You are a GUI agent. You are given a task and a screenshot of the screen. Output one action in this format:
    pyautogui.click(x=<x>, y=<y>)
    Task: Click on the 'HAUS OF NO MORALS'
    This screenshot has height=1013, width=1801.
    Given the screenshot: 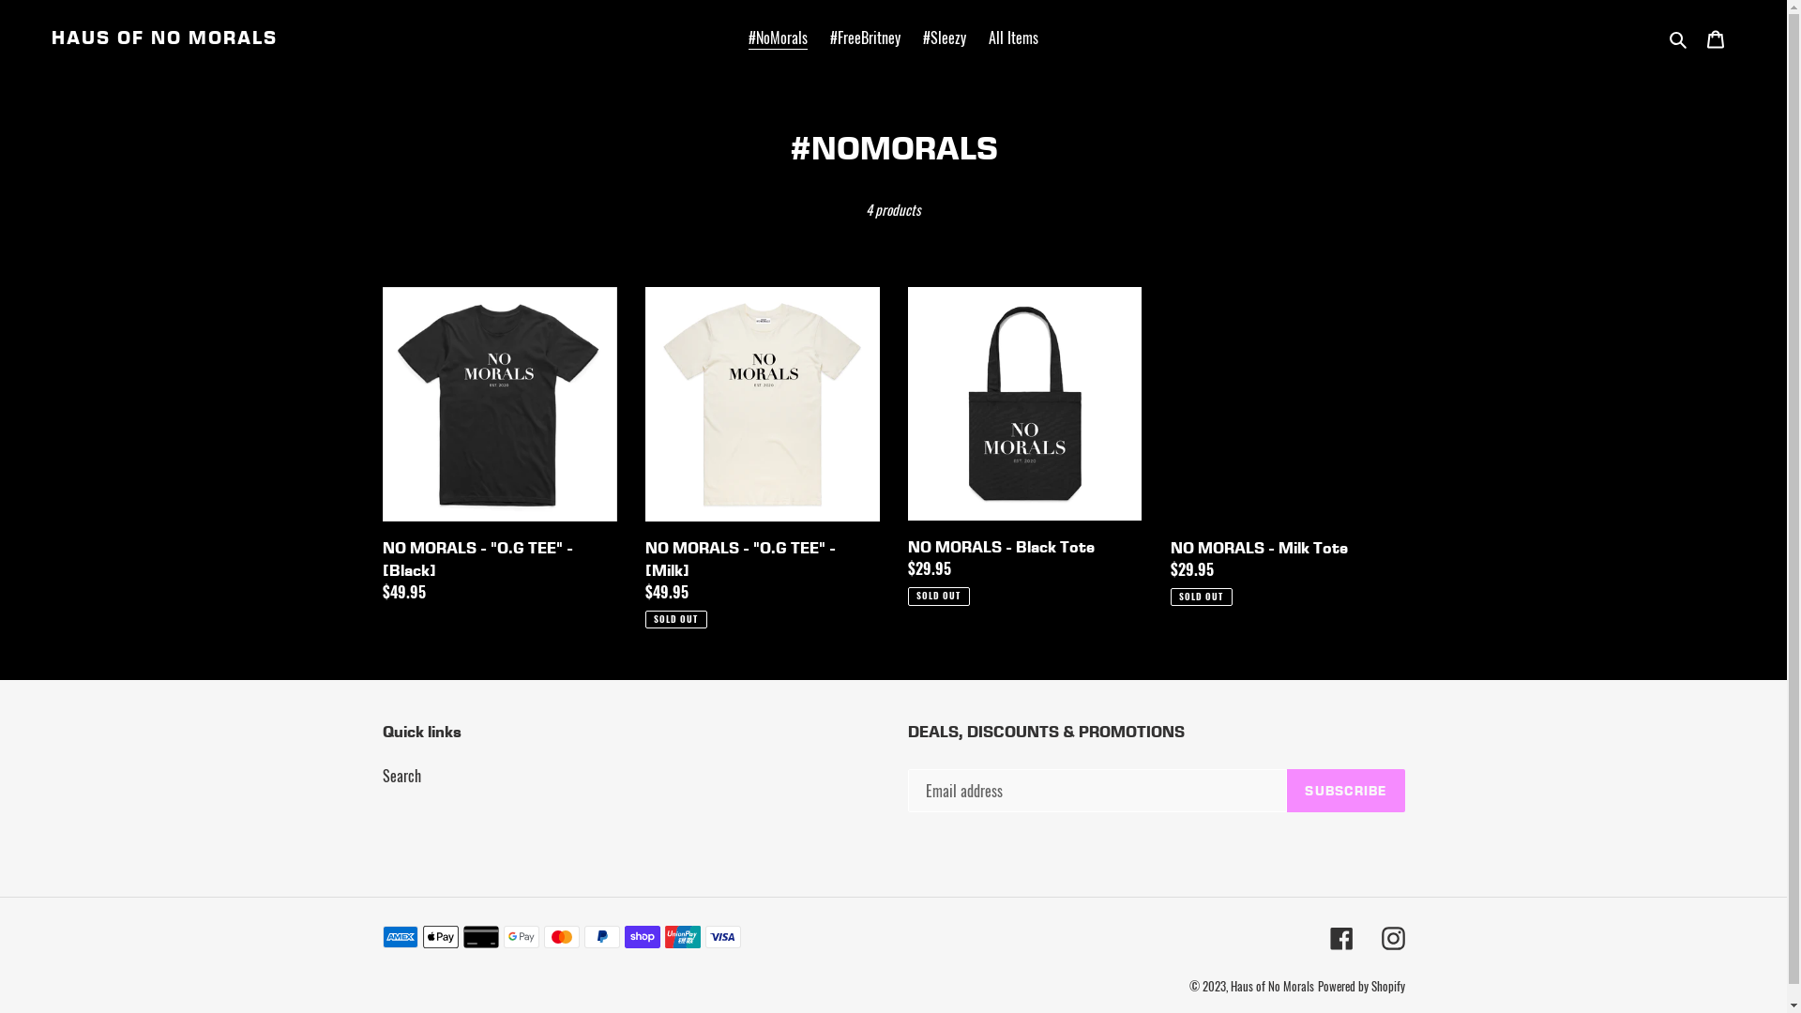 What is the action you would take?
    pyautogui.click(x=164, y=37)
    